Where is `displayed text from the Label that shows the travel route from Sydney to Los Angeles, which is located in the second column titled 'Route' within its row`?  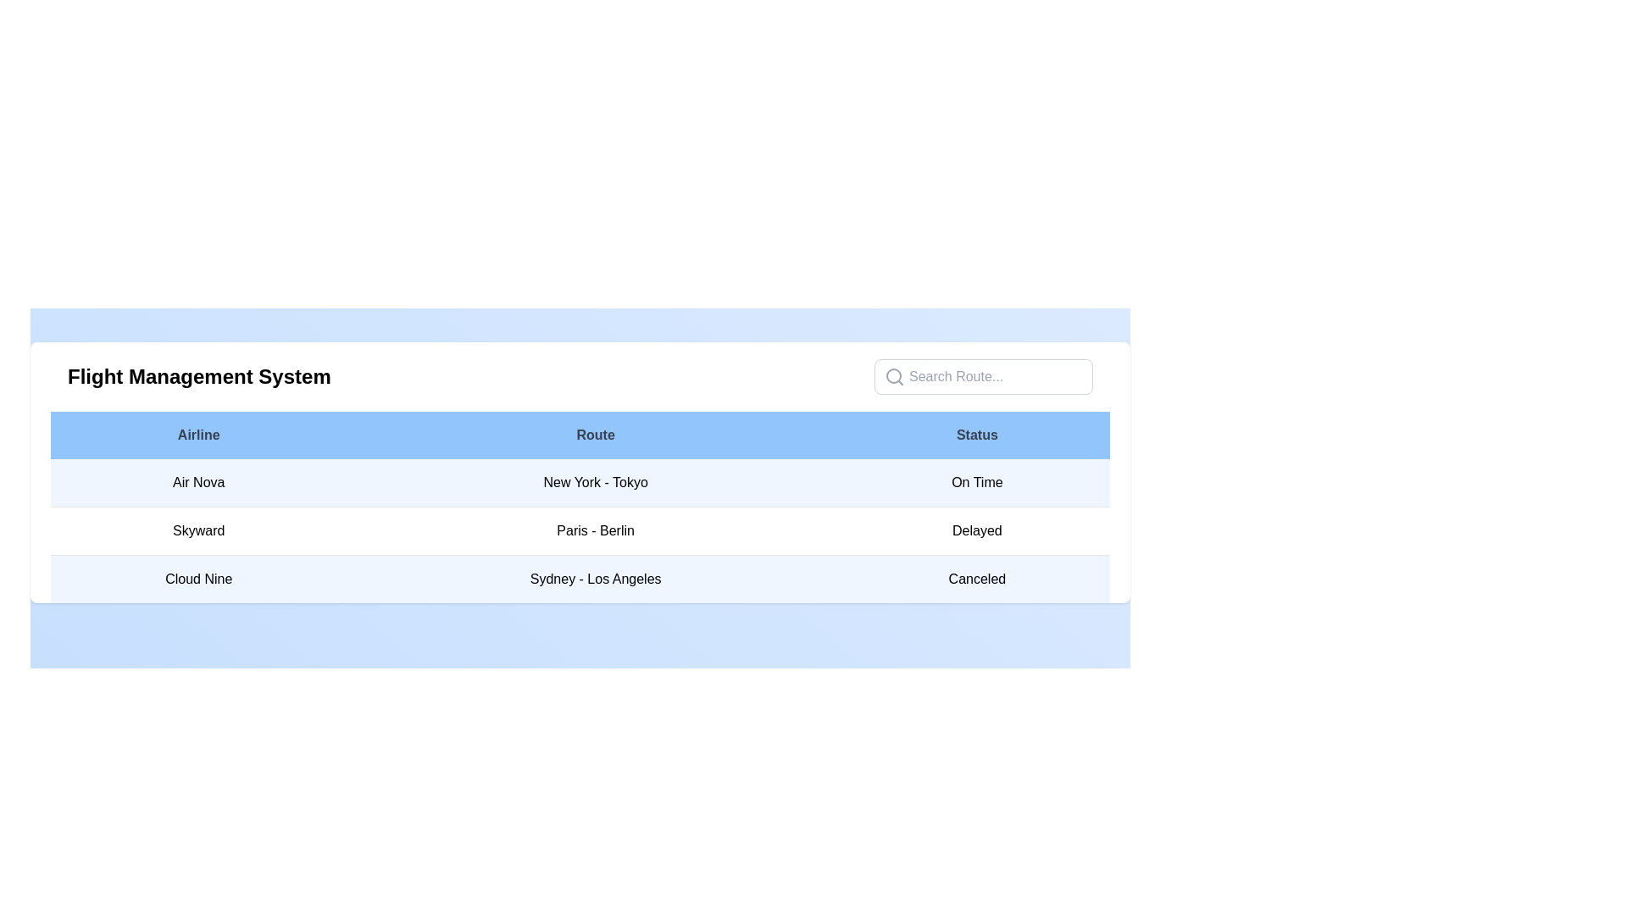
displayed text from the Label that shows the travel route from Sydney to Los Angeles, which is located in the second column titled 'Route' within its row is located at coordinates (596, 578).